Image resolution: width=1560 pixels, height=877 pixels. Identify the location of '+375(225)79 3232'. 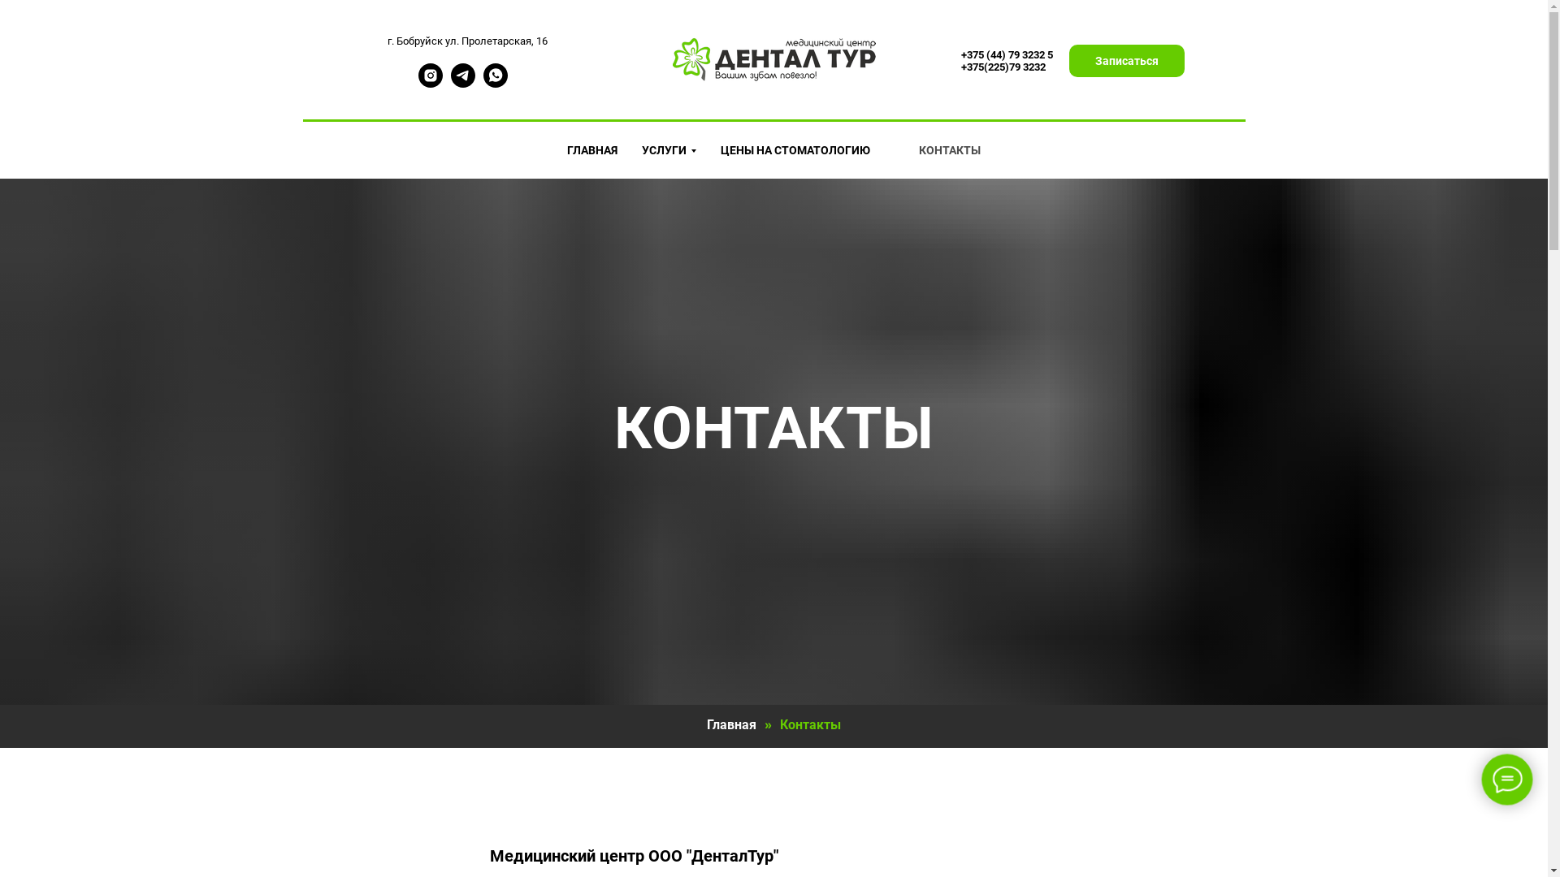
(1001, 66).